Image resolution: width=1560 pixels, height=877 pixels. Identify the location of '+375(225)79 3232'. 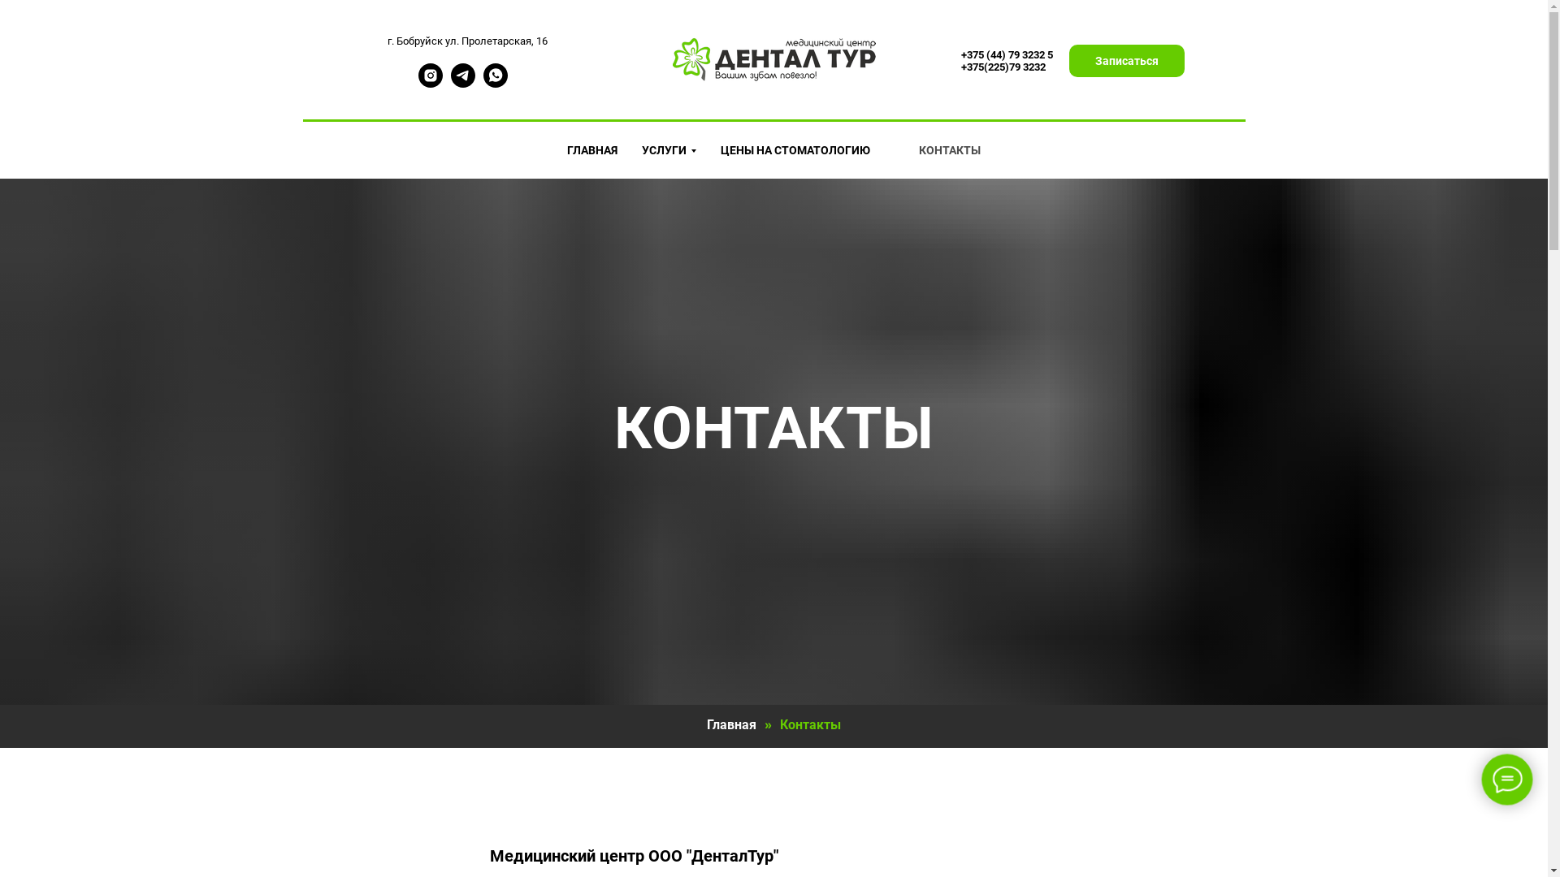
(1001, 66).